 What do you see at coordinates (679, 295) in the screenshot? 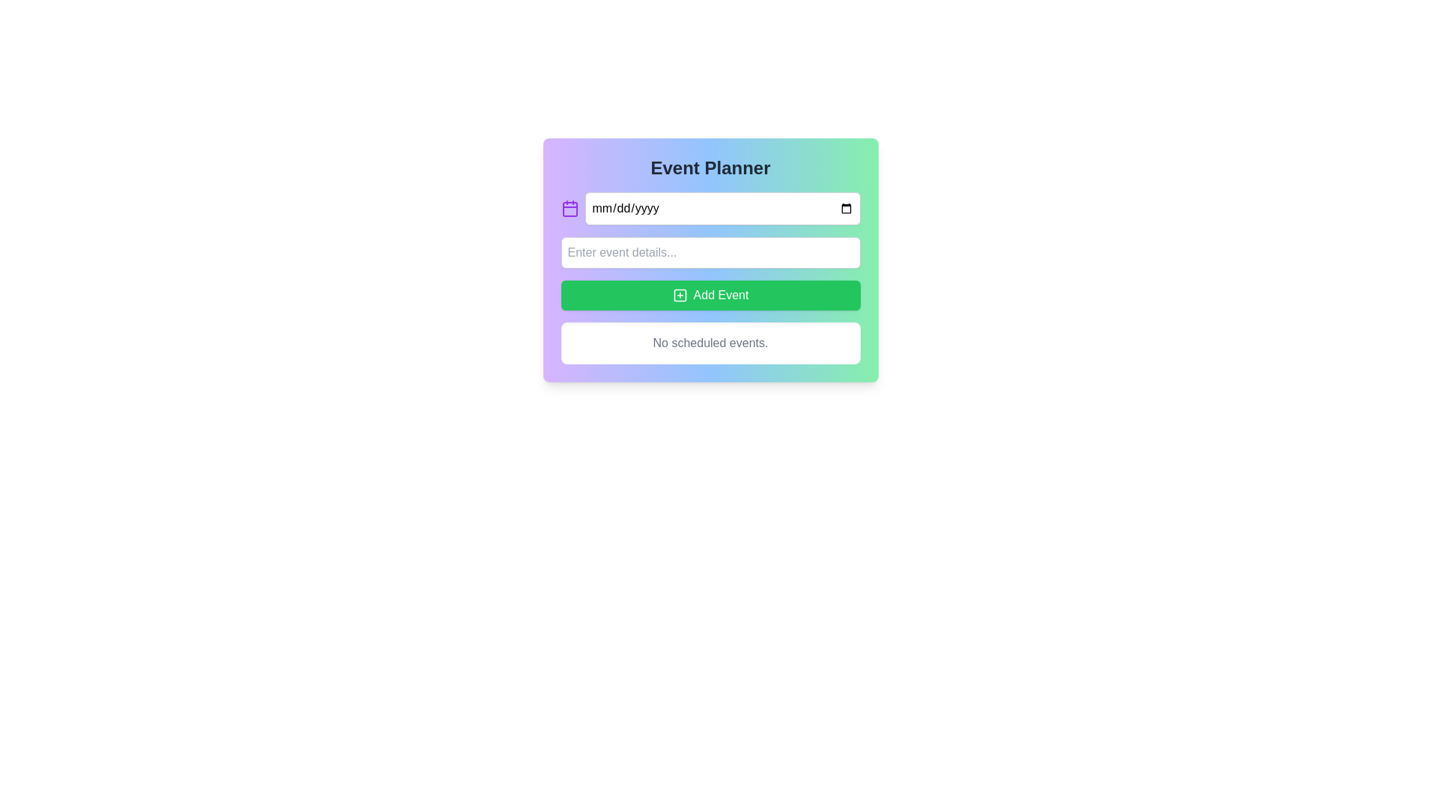
I see `the green square-shaped icon with a '+' symbol, located to the left of the 'Add Event' text, which is part of the 'Add Event' button` at bounding box center [679, 295].